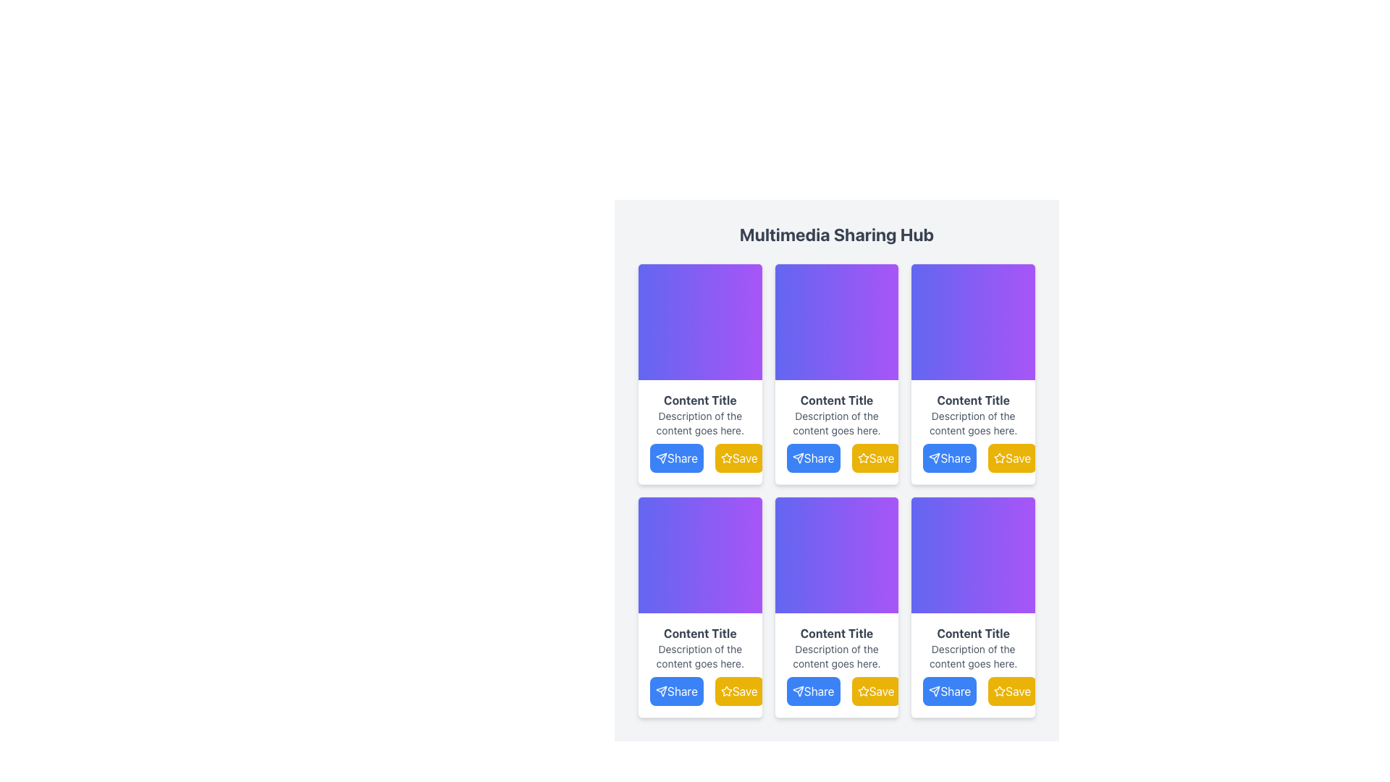 The height and width of the screenshot is (782, 1390). Describe the element at coordinates (863, 458) in the screenshot. I see `the star-shaped icon with a yellow fill and white border located within the 'Save' button in the bottom-right corner of the second card in the first row of the grid layout` at that location.